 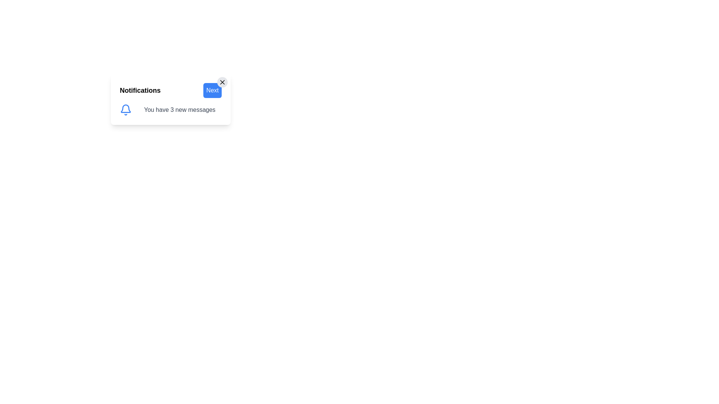 What do you see at coordinates (170, 110) in the screenshot?
I see `the Notification item featuring a blue bell icon and the message text 'You have 3 new messages' to read the message` at bounding box center [170, 110].